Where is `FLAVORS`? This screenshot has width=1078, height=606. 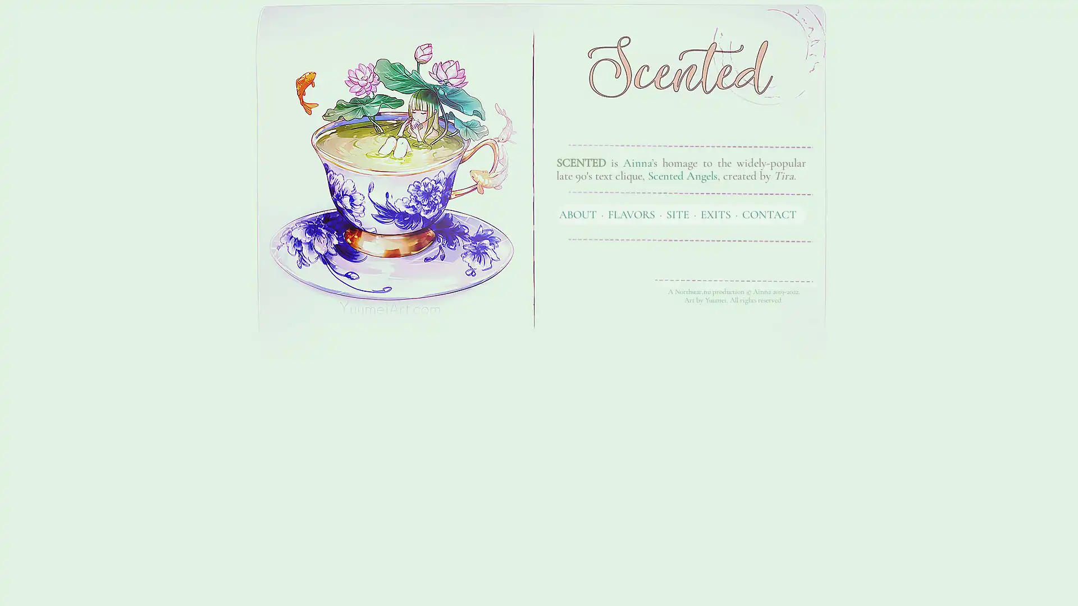 FLAVORS is located at coordinates (631, 214).